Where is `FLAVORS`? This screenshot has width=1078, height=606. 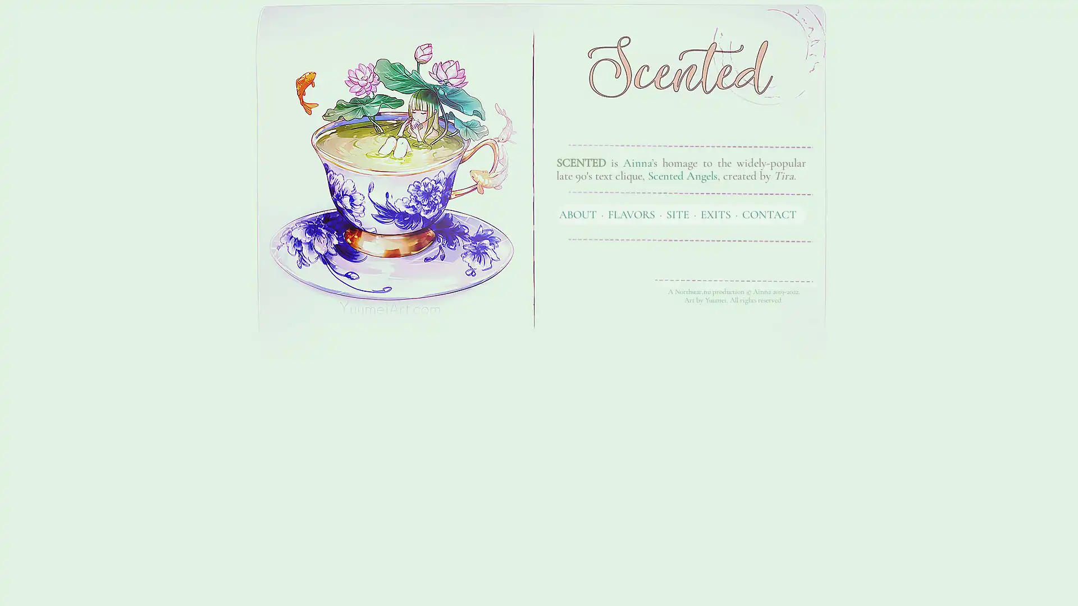 FLAVORS is located at coordinates (631, 214).